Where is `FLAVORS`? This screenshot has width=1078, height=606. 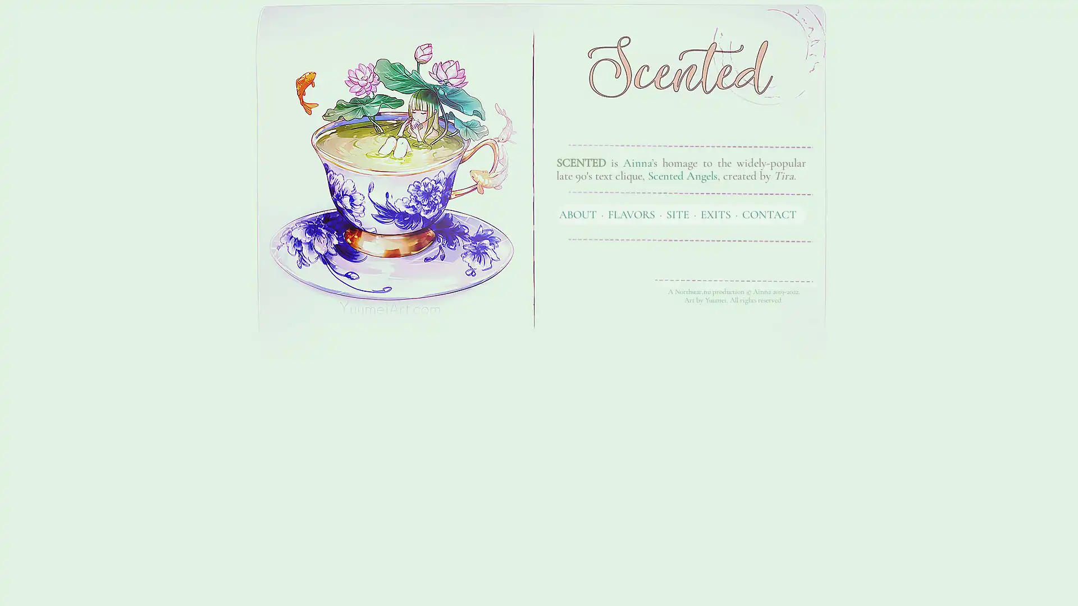 FLAVORS is located at coordinates (631, 214).